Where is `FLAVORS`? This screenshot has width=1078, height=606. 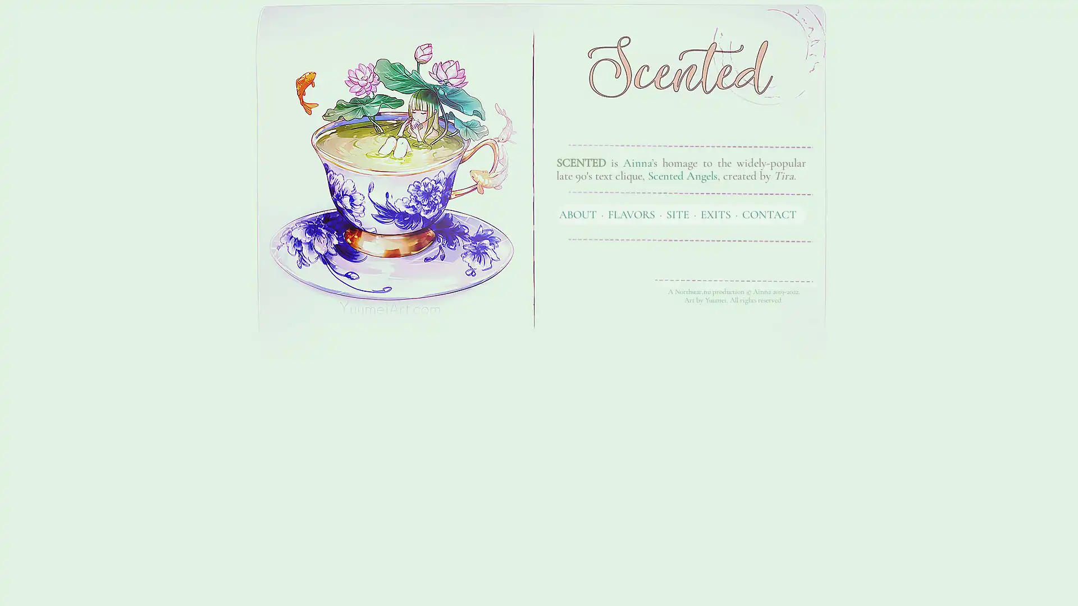 FLAVORS is located at coordinates (631, 214).